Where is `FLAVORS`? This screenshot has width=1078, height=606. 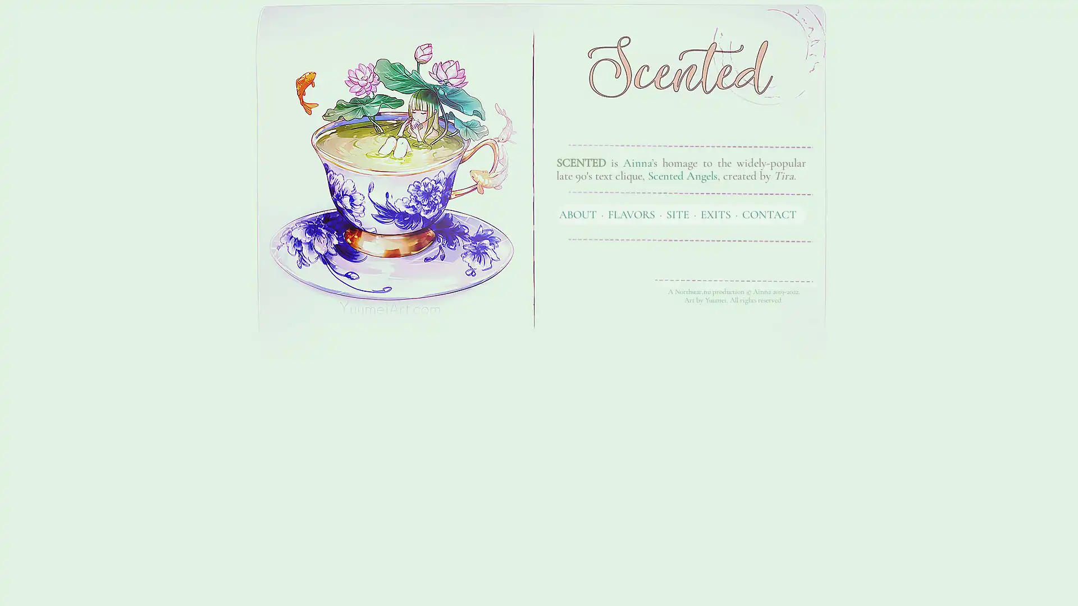 FLAVORS is located at coordinates (631, 214).